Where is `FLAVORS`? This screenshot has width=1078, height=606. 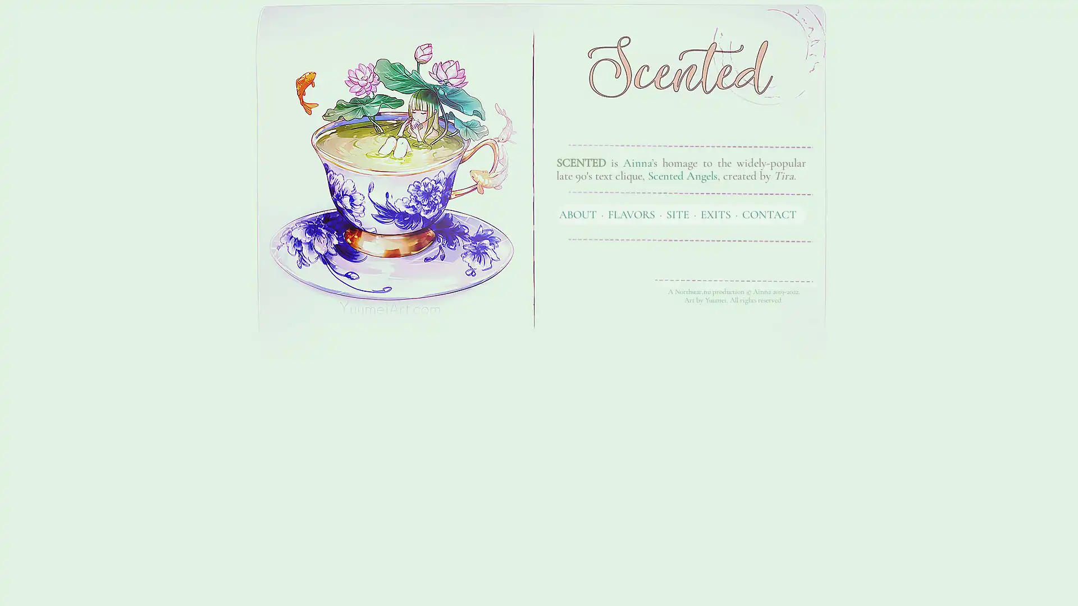 FLAVORS is located at coordinates (631, 214).